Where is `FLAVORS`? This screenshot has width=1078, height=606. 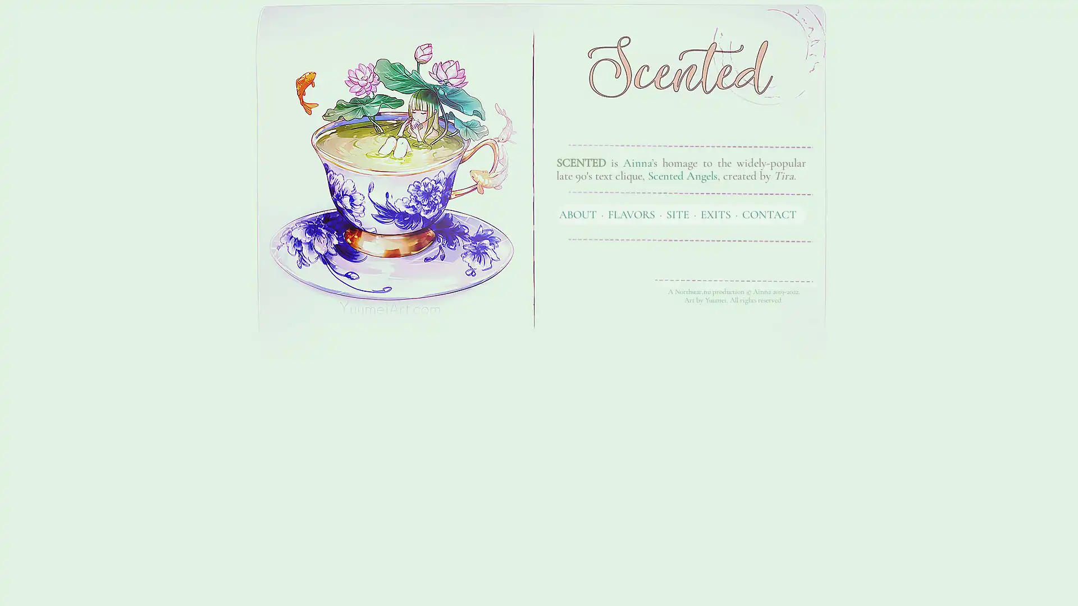 FLAVORS is located at coordinates (631, 214).